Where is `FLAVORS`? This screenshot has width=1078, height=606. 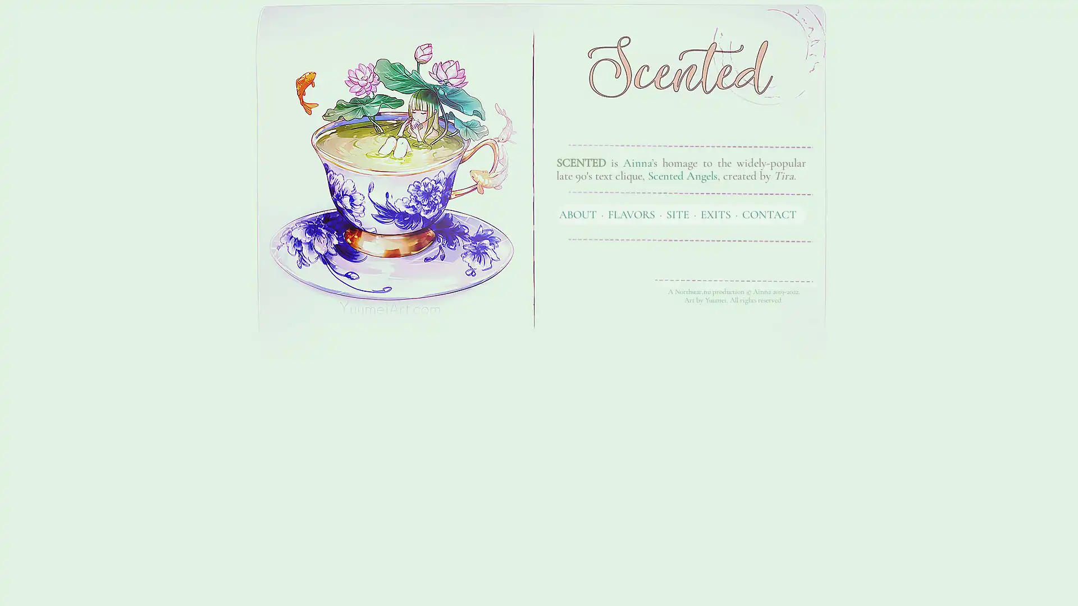 FLAVORS is located at coordinates (631, 214).